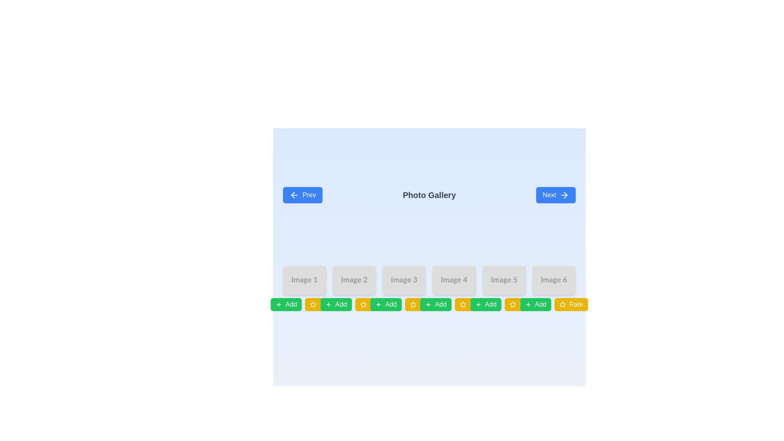 This screenshot has width=784, height=441. What do you see at coordinates (576, 304) in the screenshot?
I see `the 'Rate' text label embedded in the yellow button with rounded edges, located in the rightmost button under 'Image 6' in the gallery` at bounding box center [576, 304].